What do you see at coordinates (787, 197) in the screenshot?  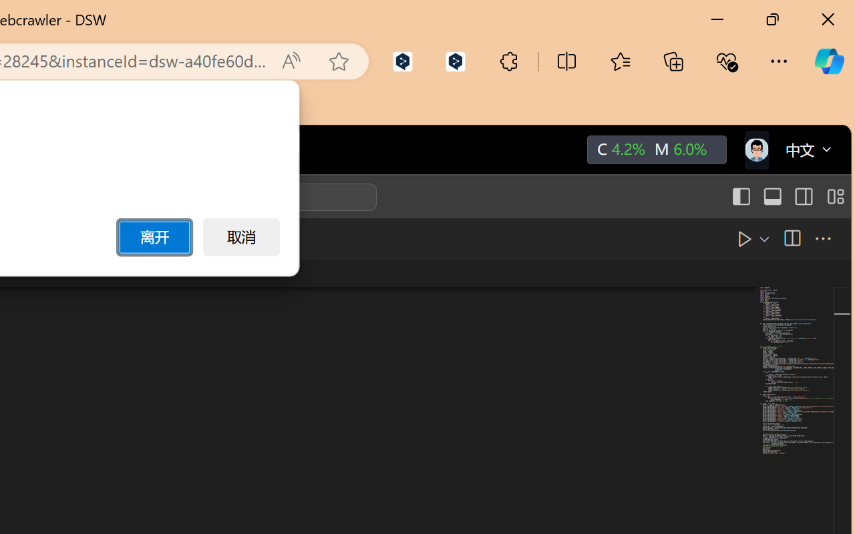 I see `'Title actions'` at bounding box center [787, 197].